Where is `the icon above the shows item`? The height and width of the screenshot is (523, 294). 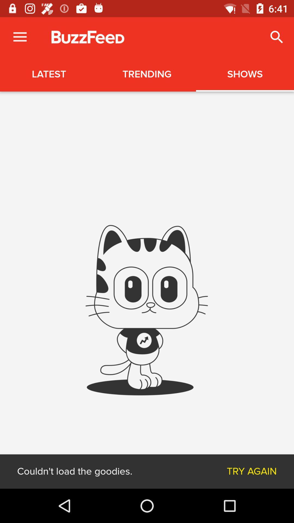
the icon above the shows item is located at coordinates (277, 37).